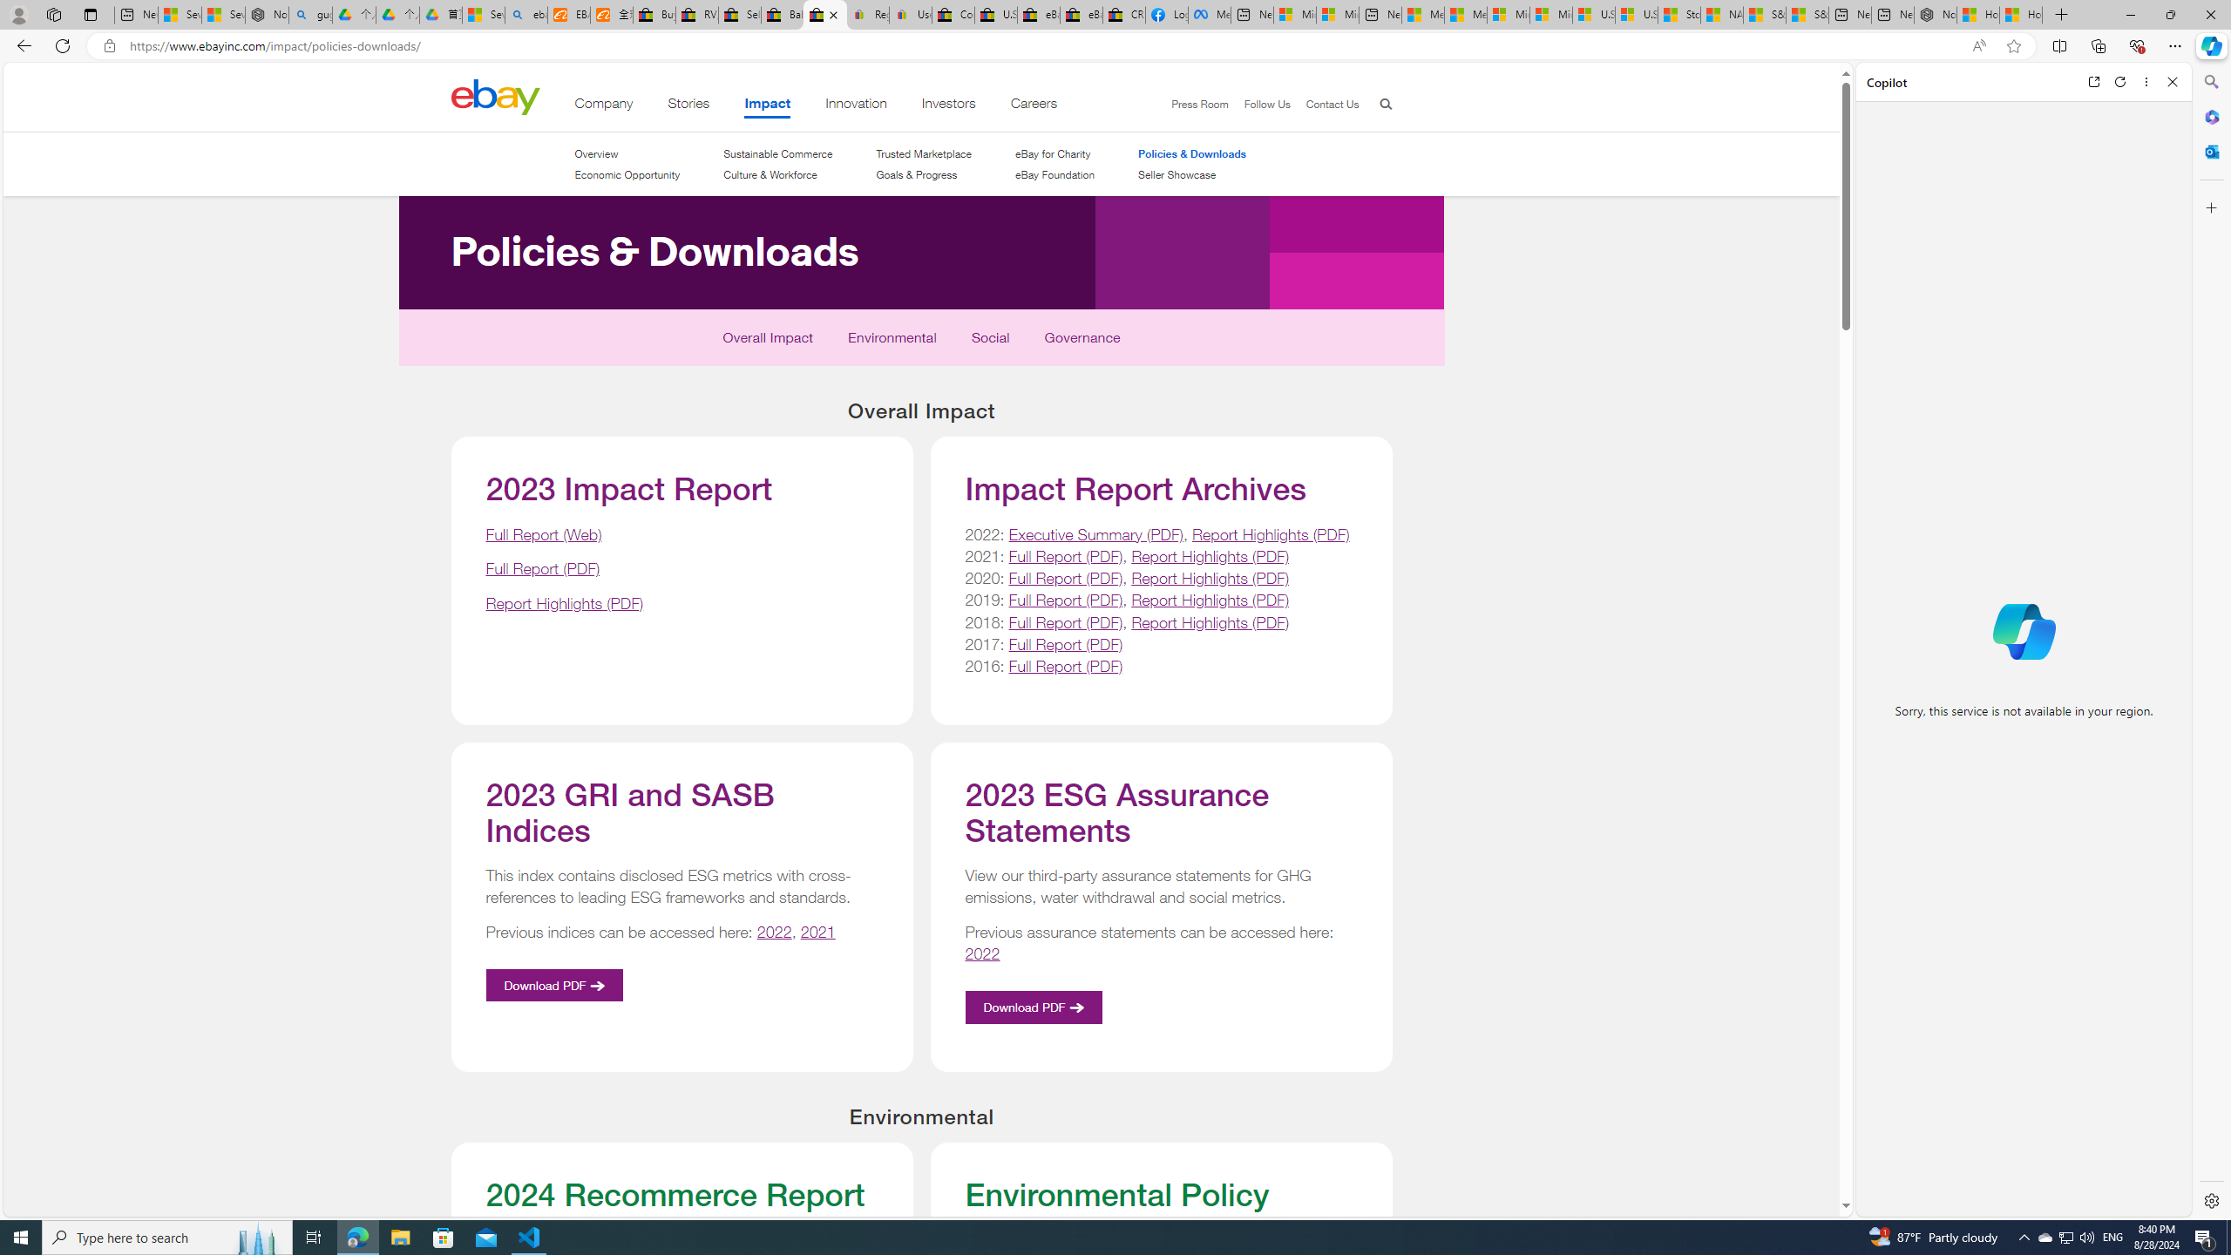 The image size is (2231, 1255). Describe the element at coordinates (1200, 103) in the screenshot. I see `'Press Room'` at that location.